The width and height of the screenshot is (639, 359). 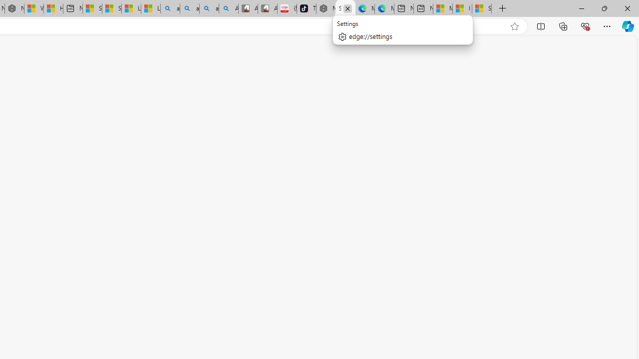 What do you see at coordinates (208, 8) in the screenshot?
I see `'amazon - Search Images'` at bounding box center [208, 8].